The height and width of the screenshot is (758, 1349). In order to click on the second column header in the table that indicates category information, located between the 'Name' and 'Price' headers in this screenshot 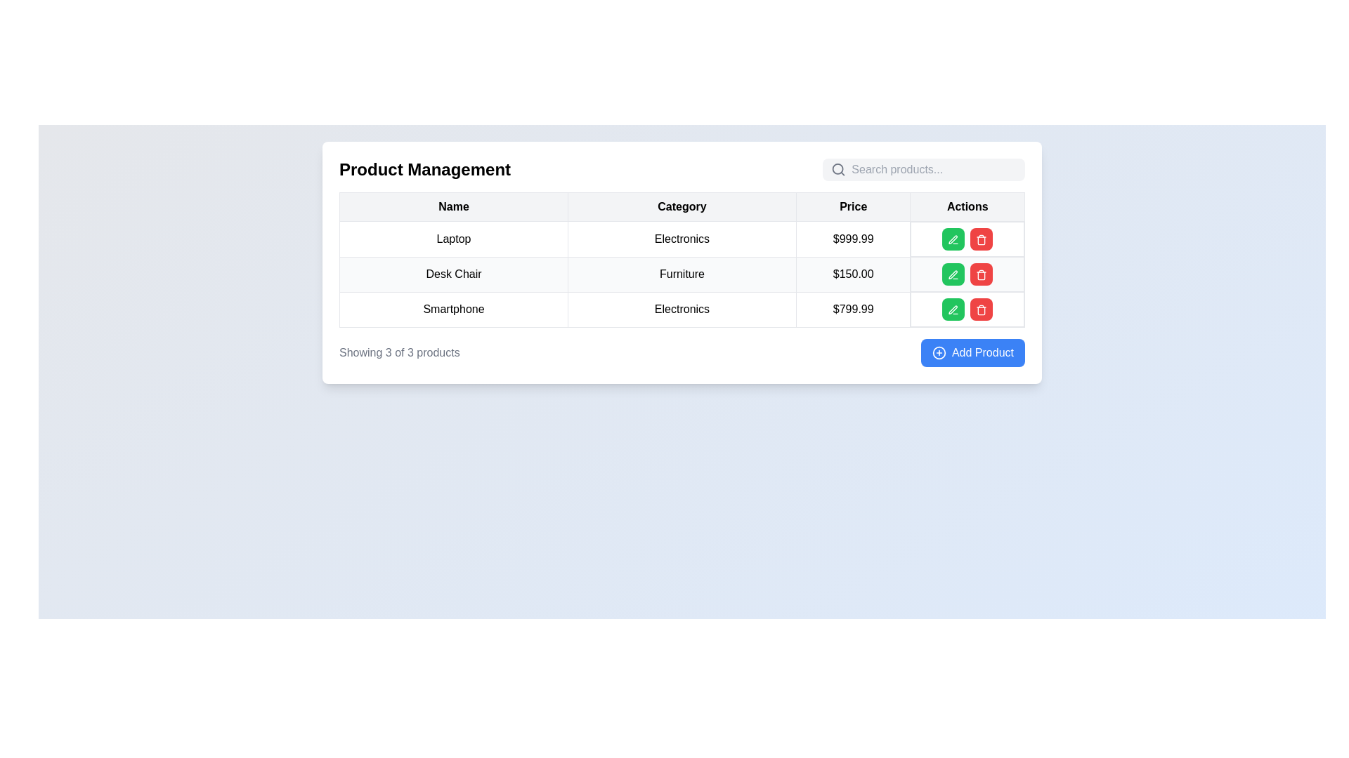, I will do `click(682, 206)`.